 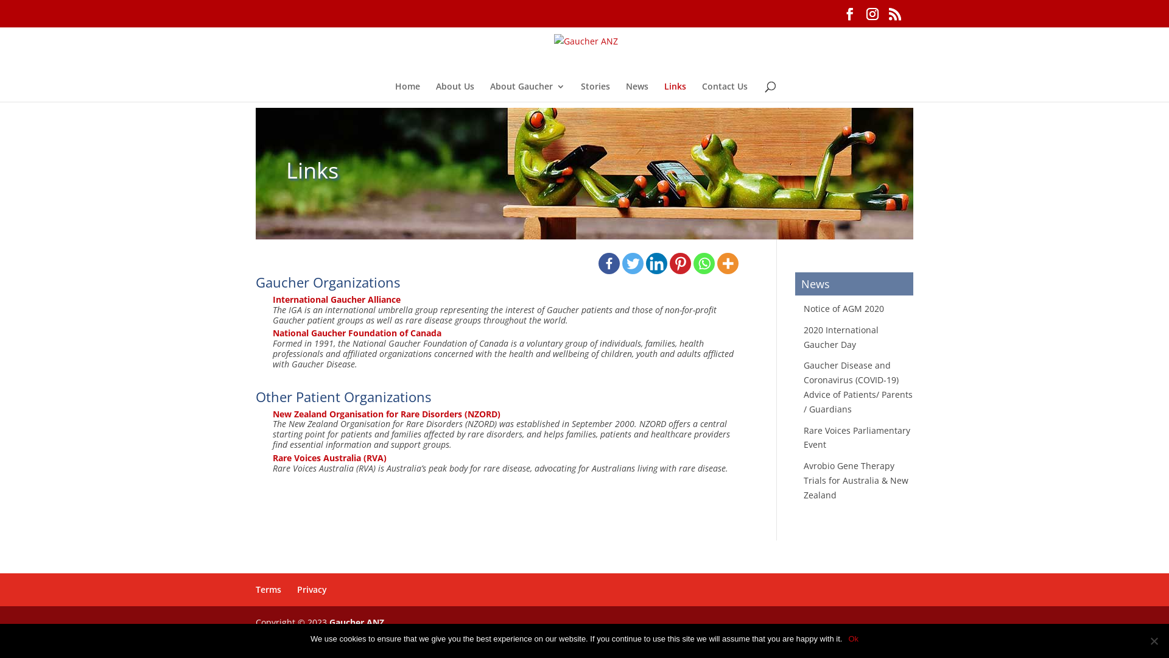 What do you see at coordinates (679, 263) in the screenshot?
I see `'Pinterest'` at bounding box center [679, 263].